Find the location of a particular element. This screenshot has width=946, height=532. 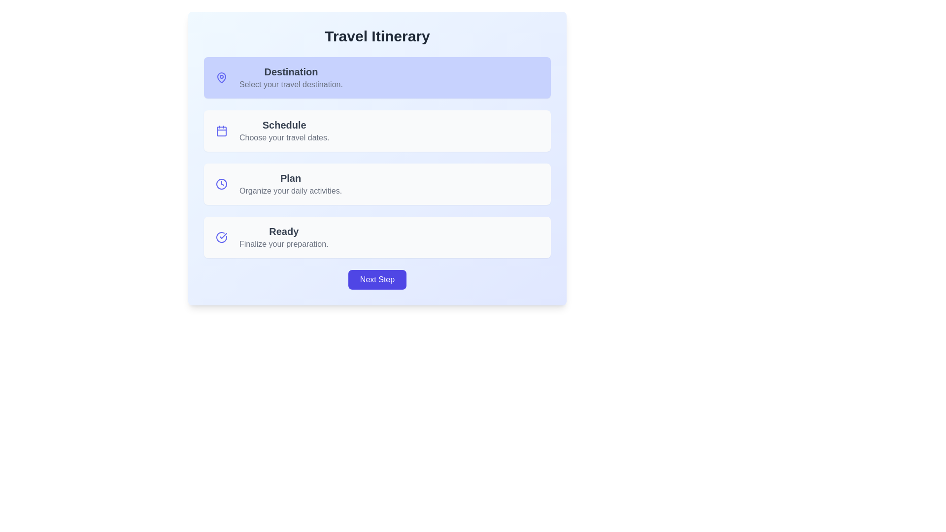

the SVG Icon located at the top left corner of the 'Destination' card, adjacent to the text 'Destination', by moving the cursor to its center is located at coordinates (221, 77).